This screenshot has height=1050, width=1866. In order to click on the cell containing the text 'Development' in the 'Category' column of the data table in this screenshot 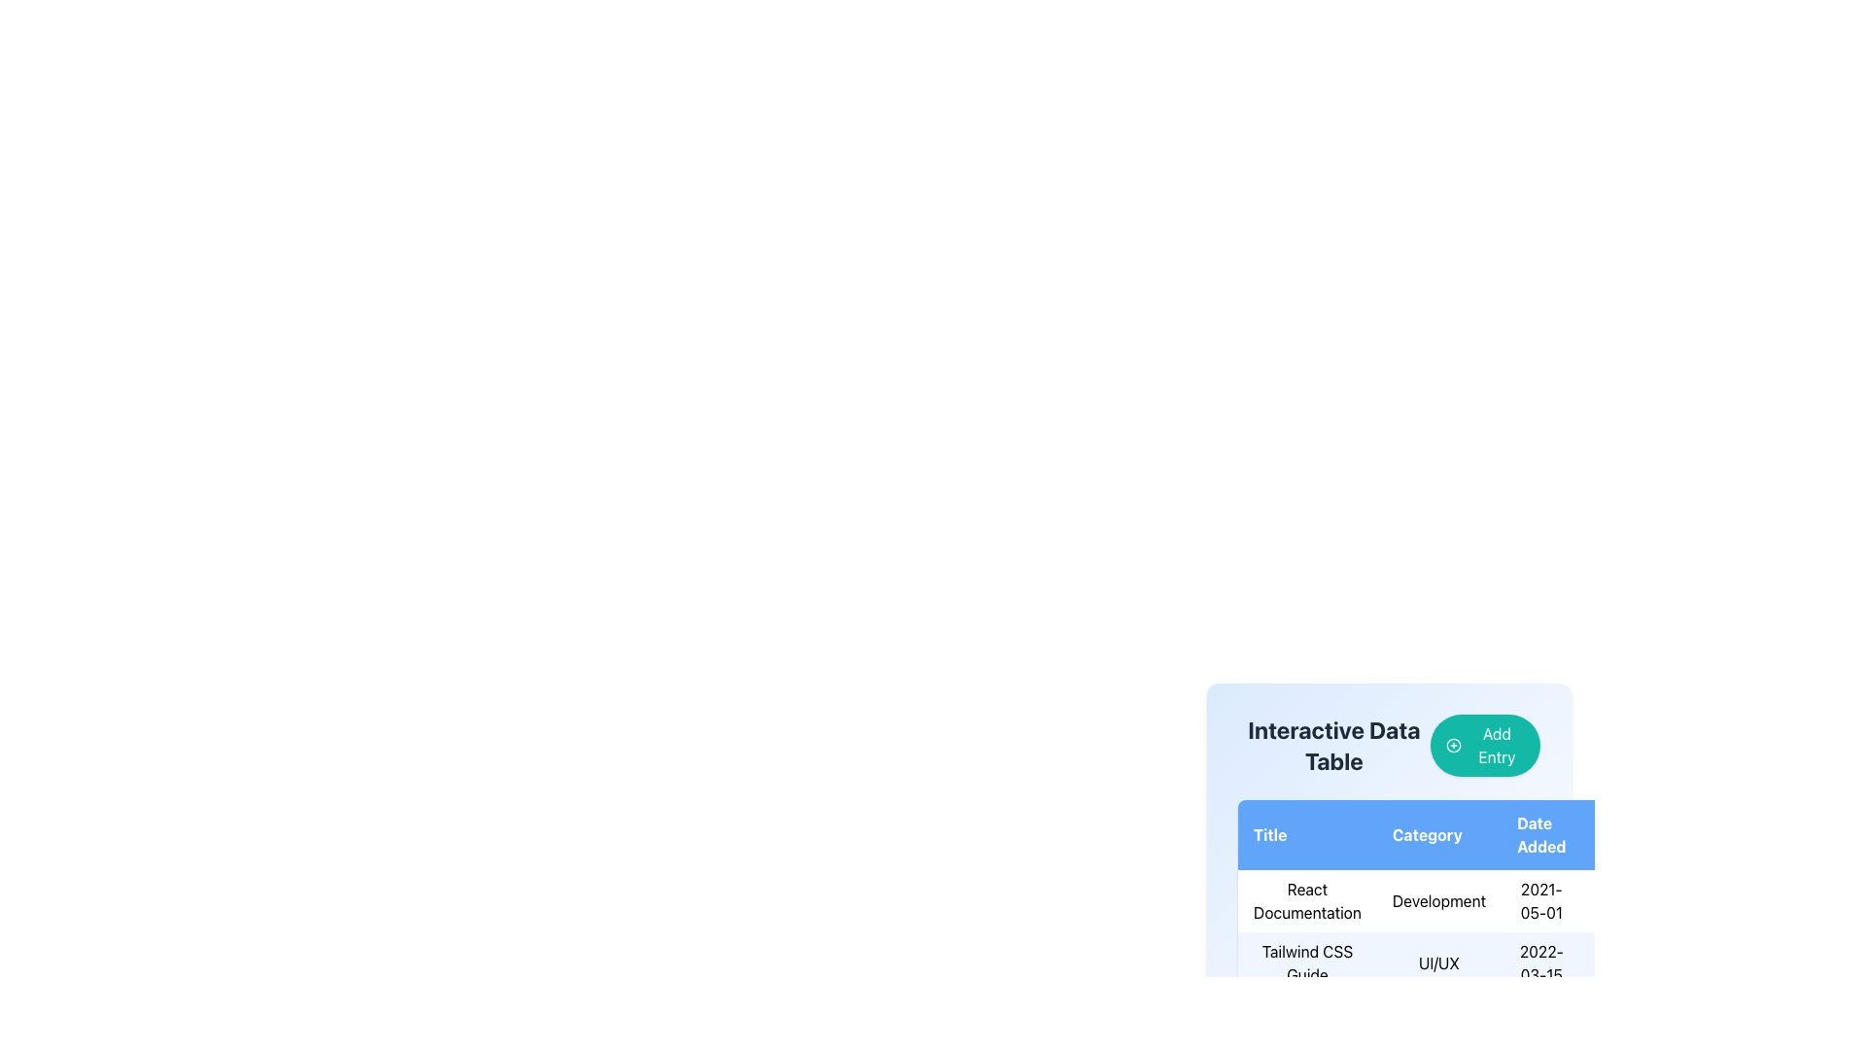, I will do `click(1438, 900)`.